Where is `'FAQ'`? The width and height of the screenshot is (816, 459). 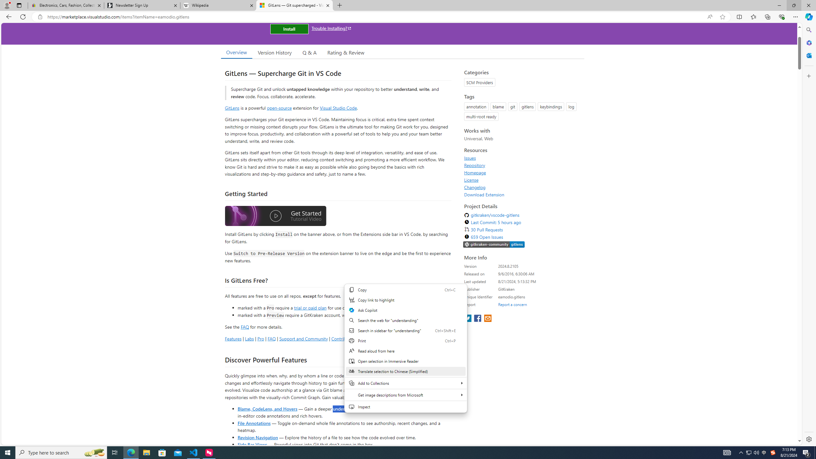 'FAQ' is located at coordinates (271, 338).